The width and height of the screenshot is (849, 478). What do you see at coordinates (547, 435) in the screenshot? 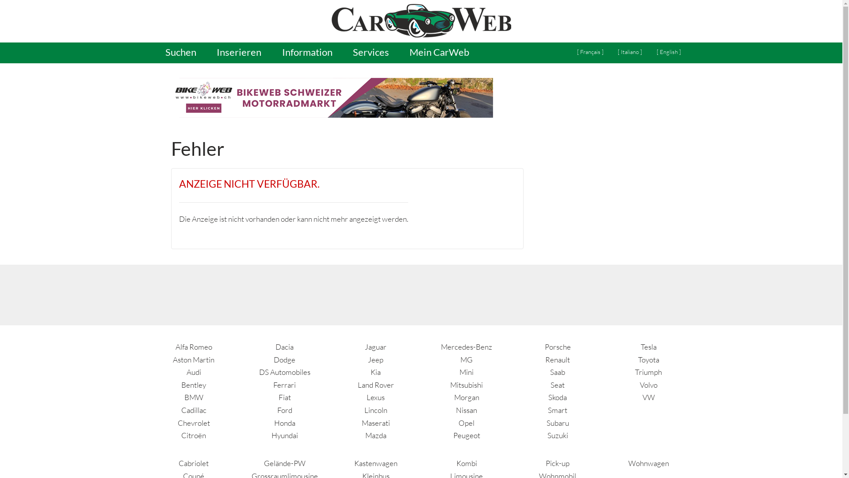
I see `'Suzuki'` at bounding box center [547, 435].